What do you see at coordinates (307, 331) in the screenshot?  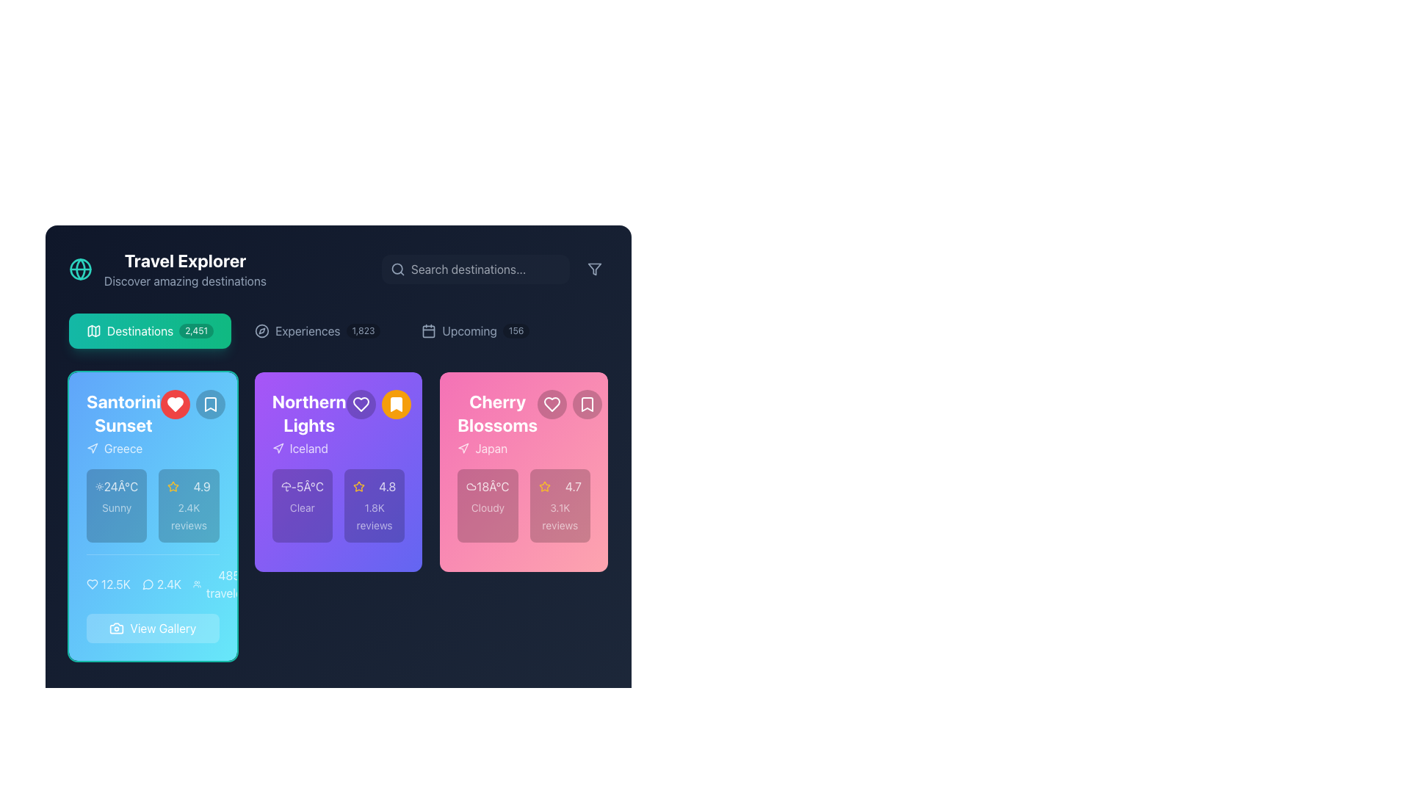 I see `the text label reading 'Experiences' which is centrally positioned under the 'Travel Explorer' heading in the navigation bar, adjacent to 'Destinations' and 'Upcoming'` at bounding box center [307, 331].